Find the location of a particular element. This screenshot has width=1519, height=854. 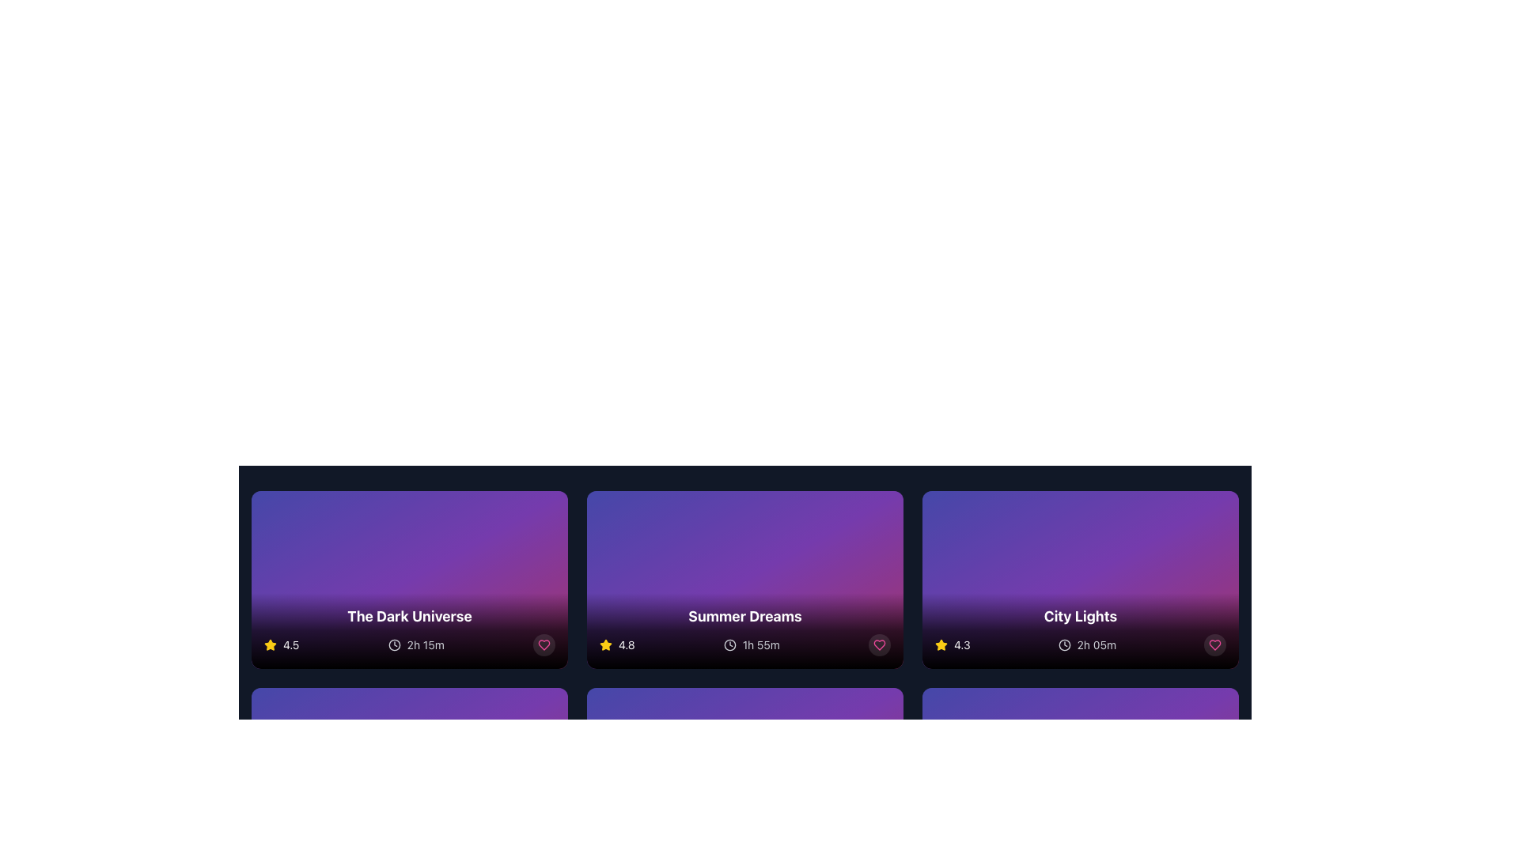

the visual representation of the yellow star-shaped icon used for rating, which is located below the title 'Summer Dreams' and next to the numerical score '4.8' is located at coordinates (605, 645).